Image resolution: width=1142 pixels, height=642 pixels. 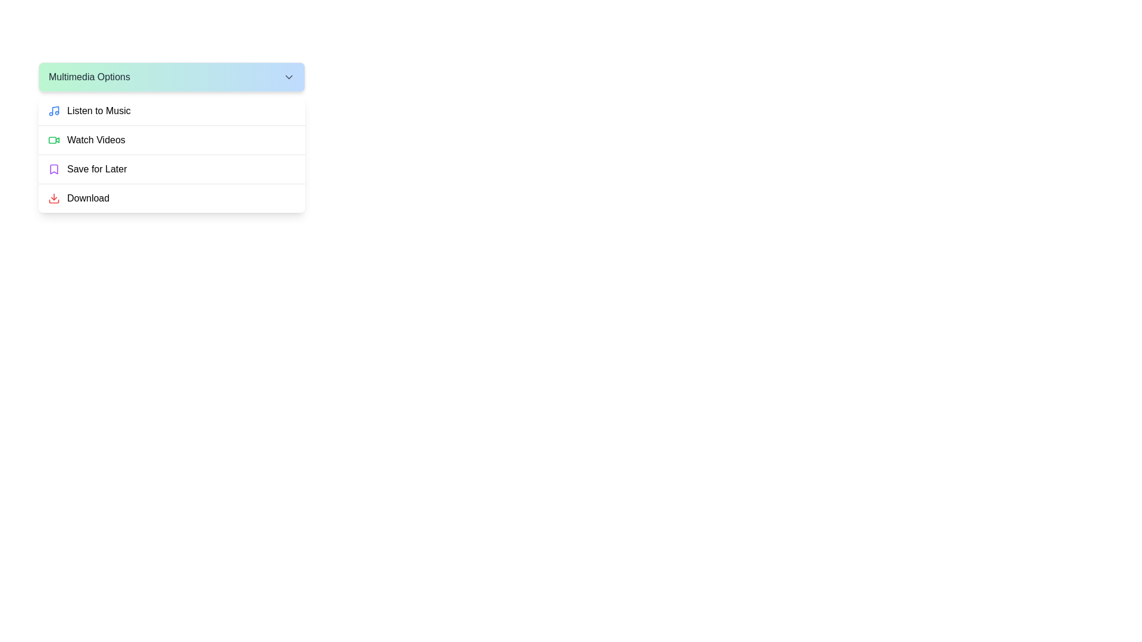 What do you see at coordinates (171, 169) in the screenshot?
I see `the third menu option in the 'Multimedia Options' section, which is located below 'Watch Videos' and above 'Download'` at bounding box center [171, 169].